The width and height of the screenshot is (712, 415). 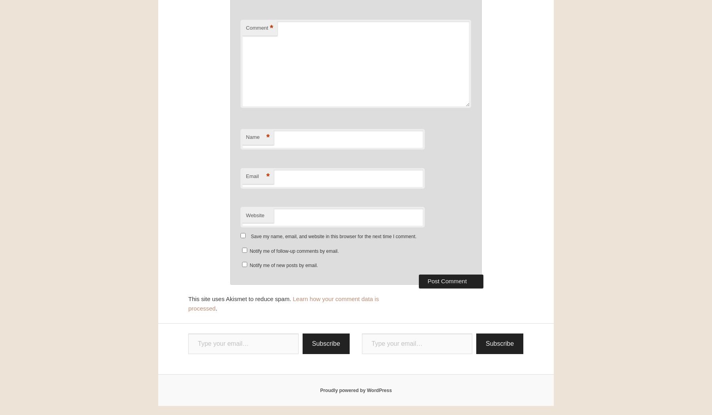 What do you see at coordinates (252, 175) in the screenshot?
I see `'Email'` at bounding box center [252, 175].